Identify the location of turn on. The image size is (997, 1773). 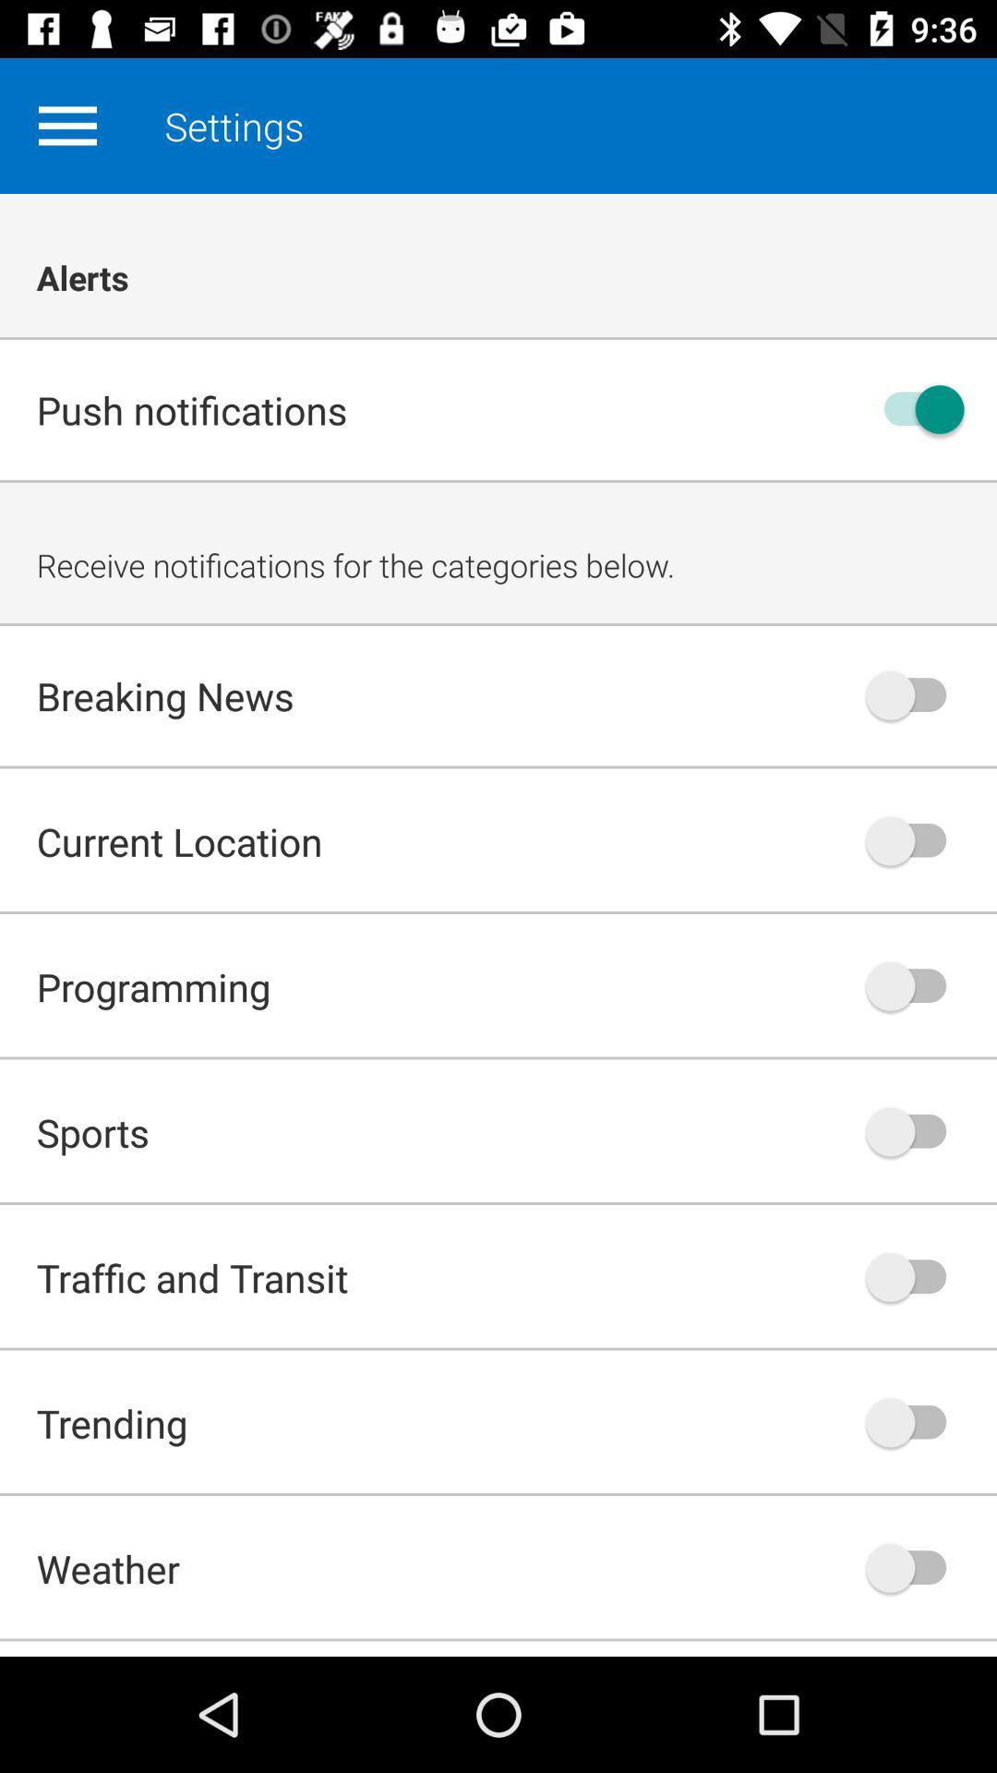
(915, 408).